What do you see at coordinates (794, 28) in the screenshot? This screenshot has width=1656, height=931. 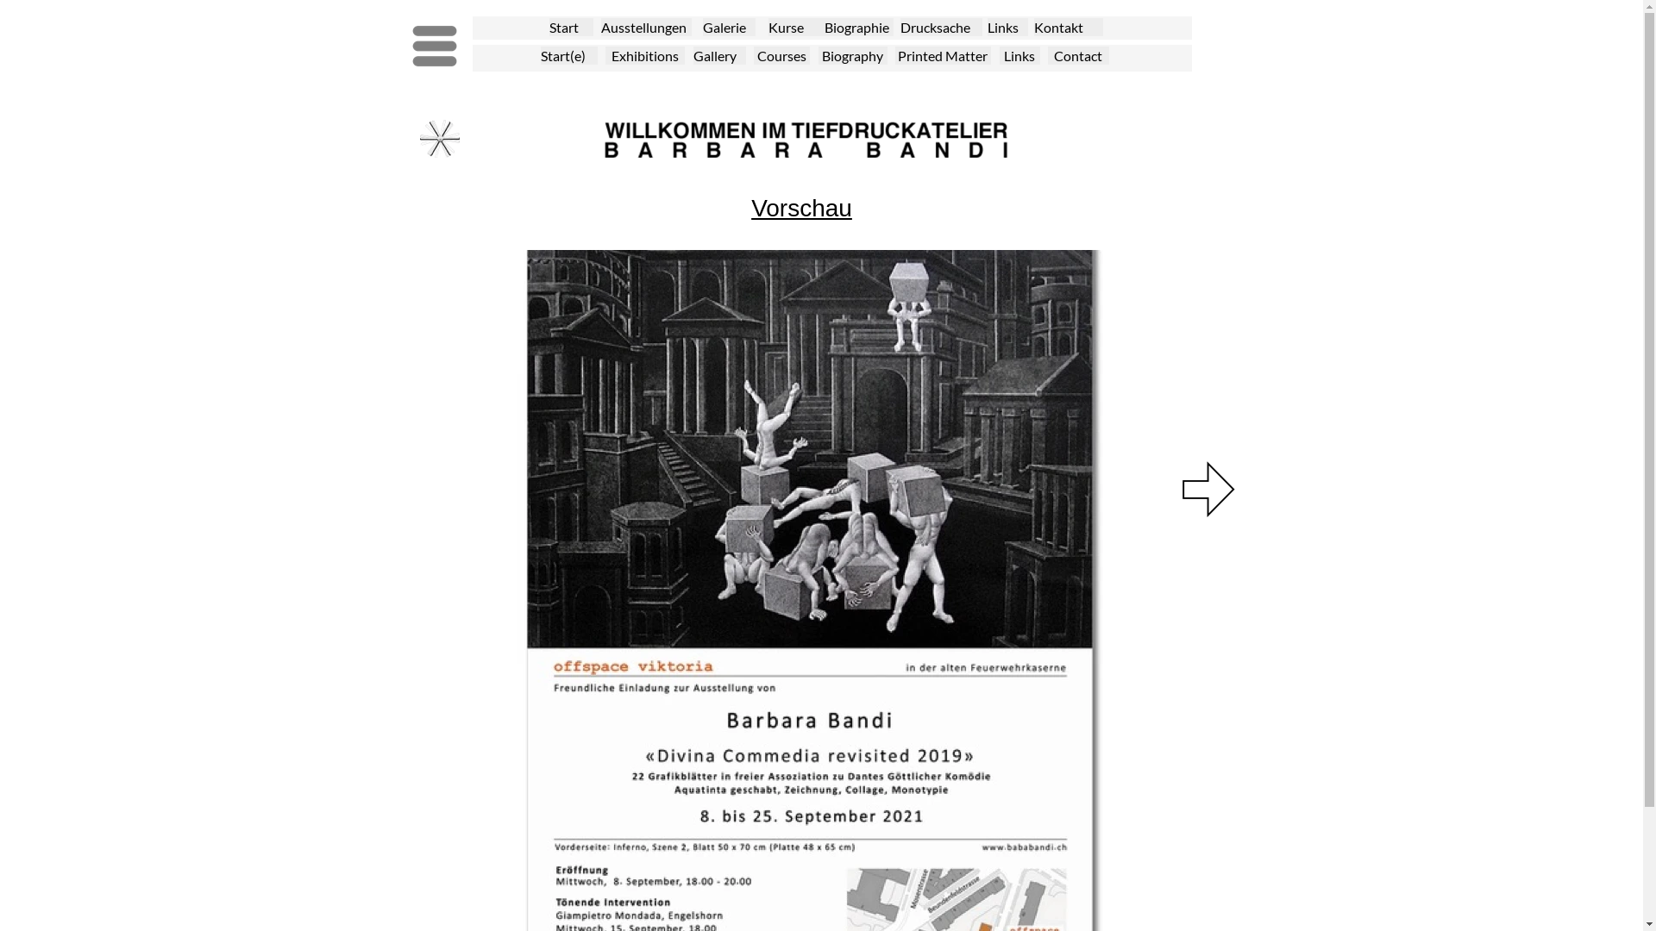 I see `'Kurse'` at bounding box center [794, 28].